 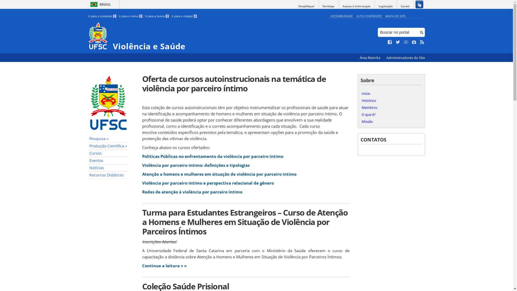 What do you see at coordinates (391, 107) in the screenshot?
I see `'Membros'` at bounding box center [391, 107].